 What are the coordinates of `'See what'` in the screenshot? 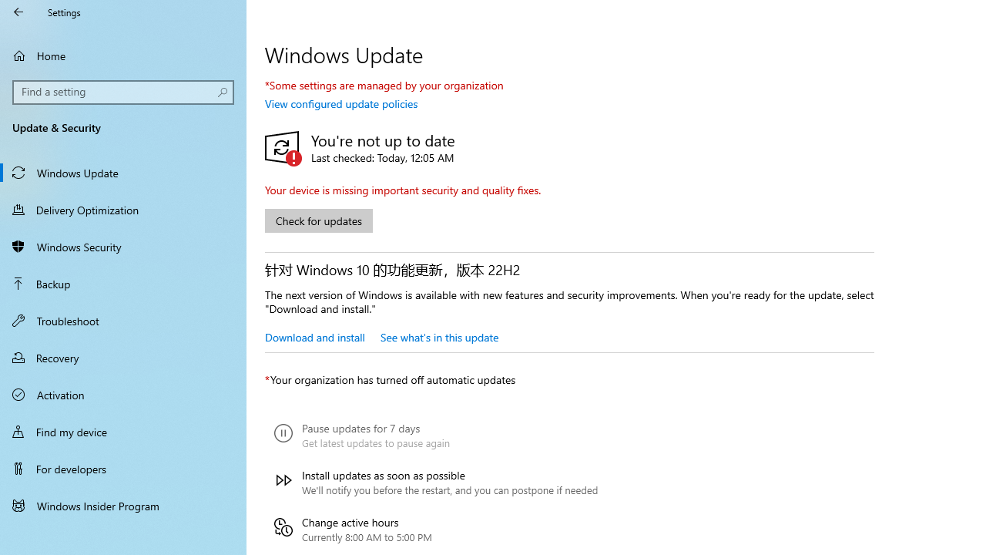 It's located at (438, 336).